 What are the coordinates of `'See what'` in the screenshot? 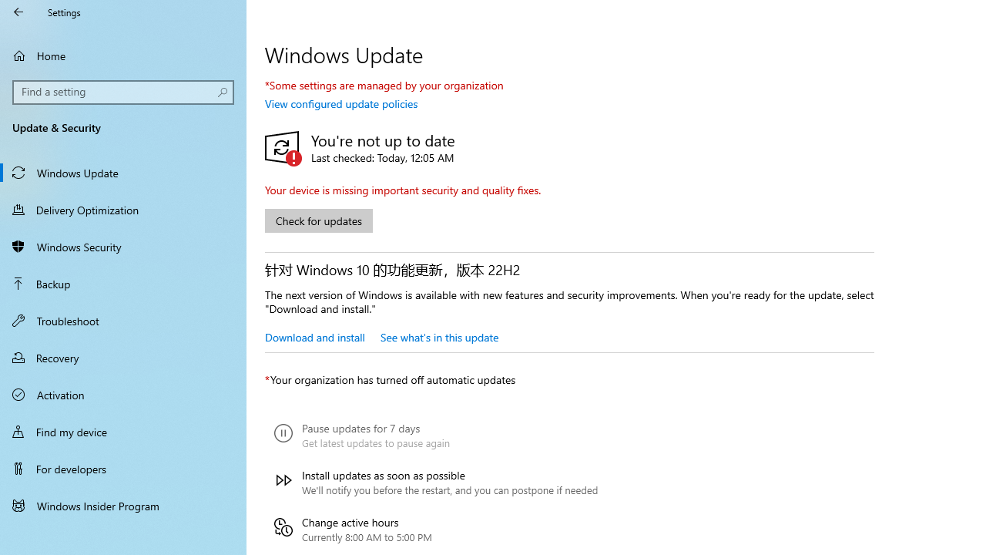 It's located at (438, 336).